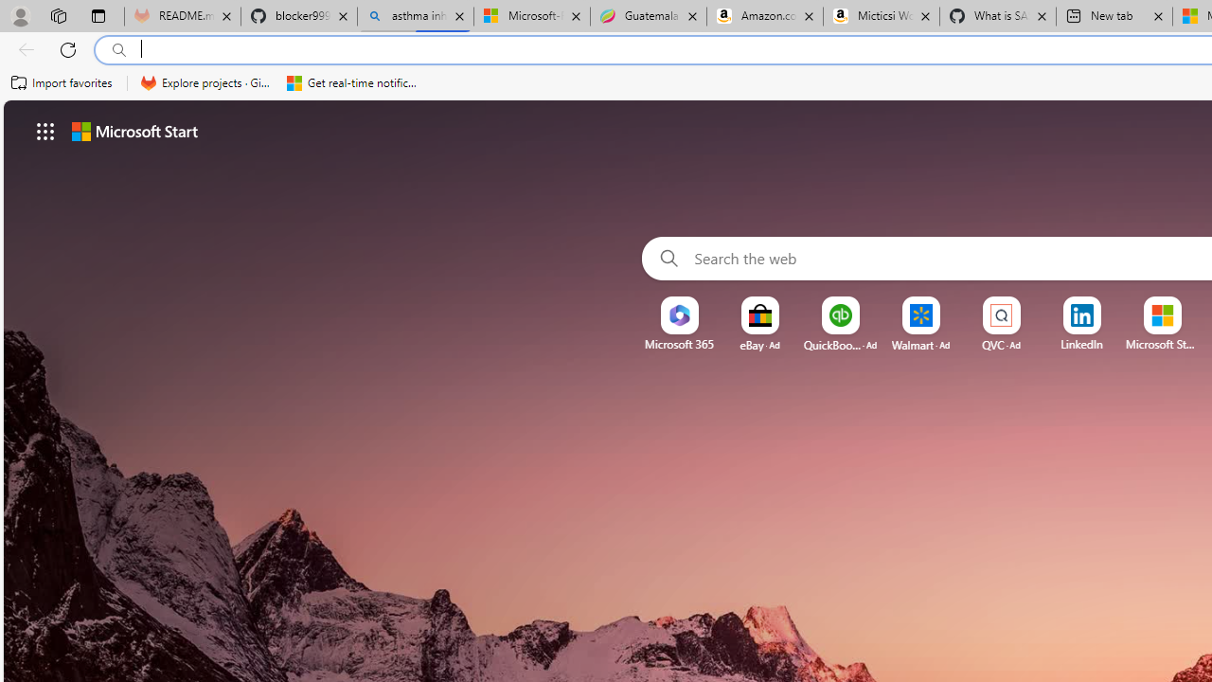 This screenshot has height=682, width=1212. Describe the element at coordinates (62, 82) in the screenshot. I see `'Import favorites'` at that location.